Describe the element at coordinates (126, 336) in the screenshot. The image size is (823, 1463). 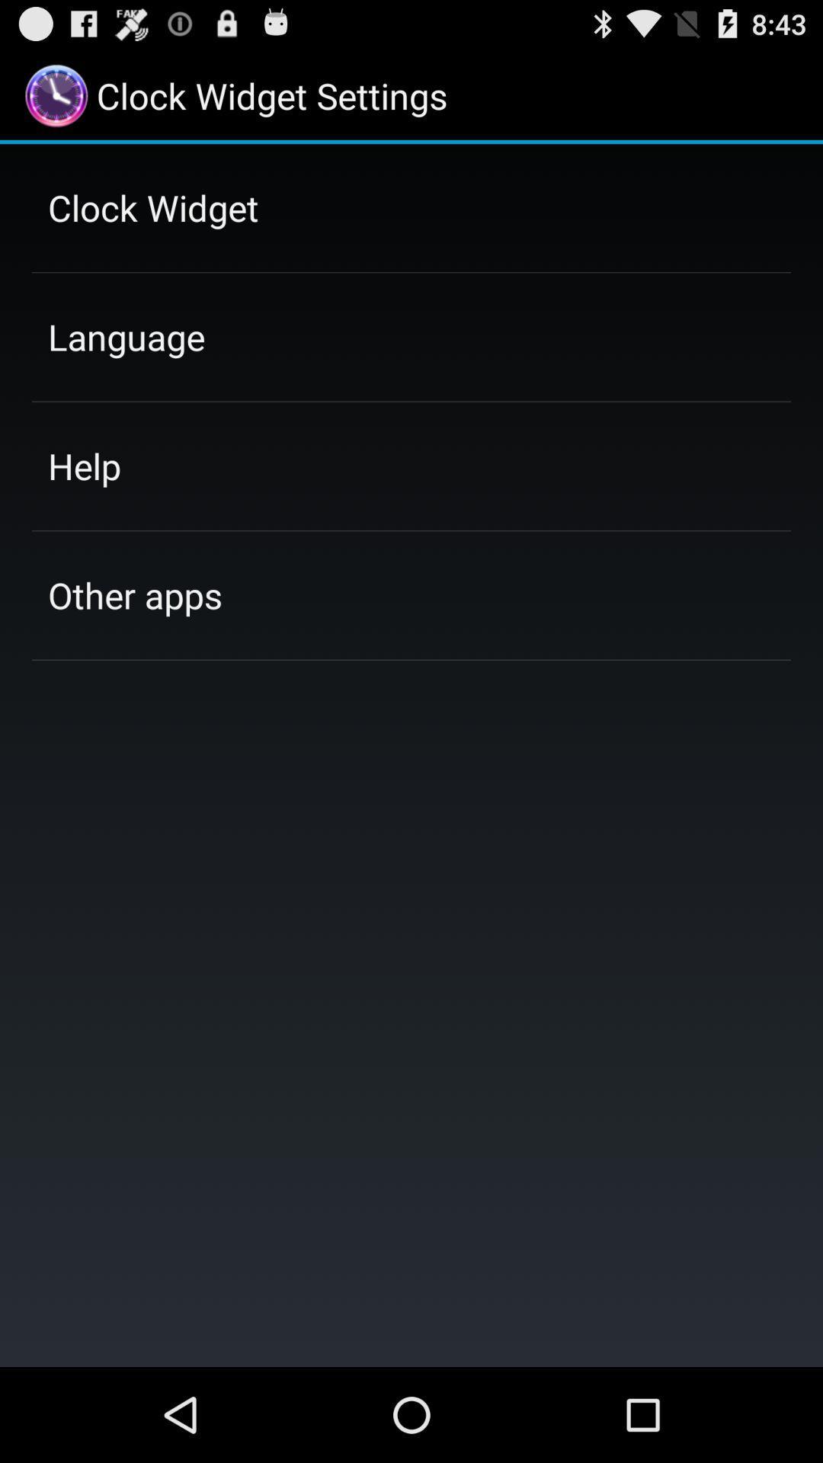
I see `language` at that location.